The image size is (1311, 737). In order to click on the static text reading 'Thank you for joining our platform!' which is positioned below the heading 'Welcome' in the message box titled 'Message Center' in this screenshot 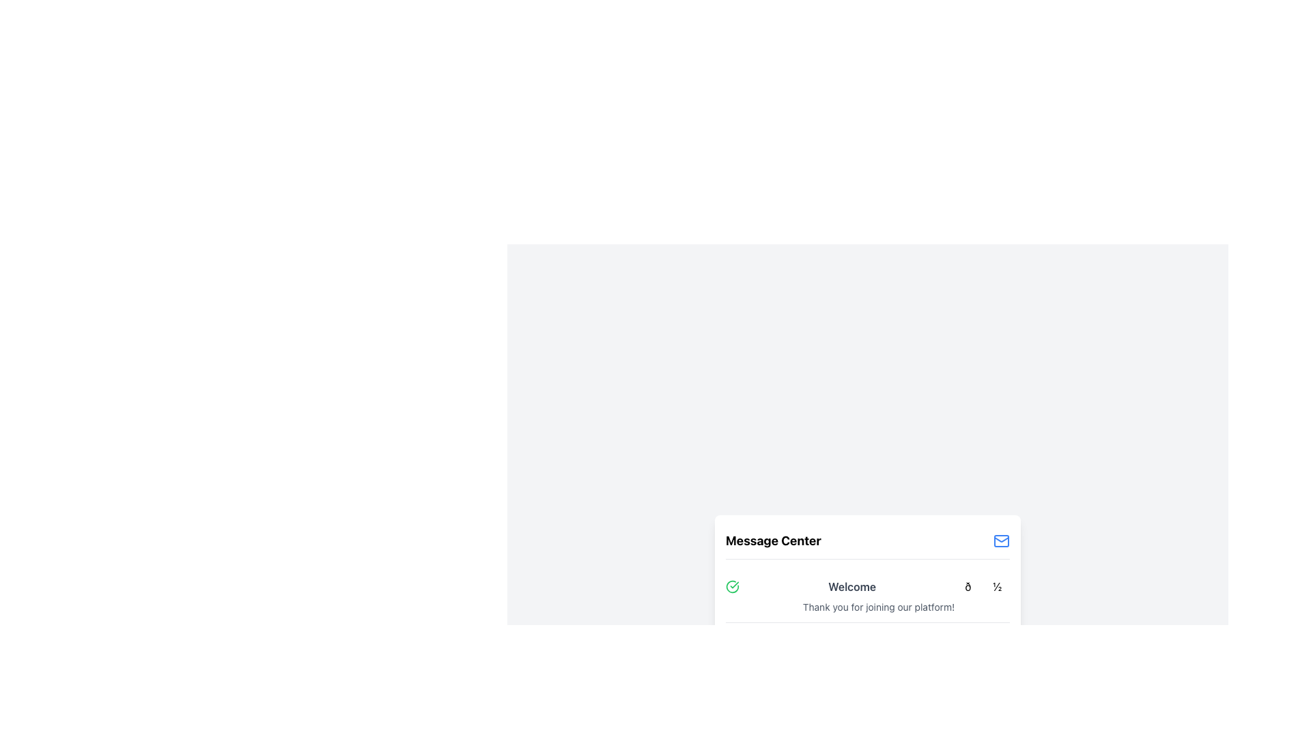, I will do `click(878, 607)`.